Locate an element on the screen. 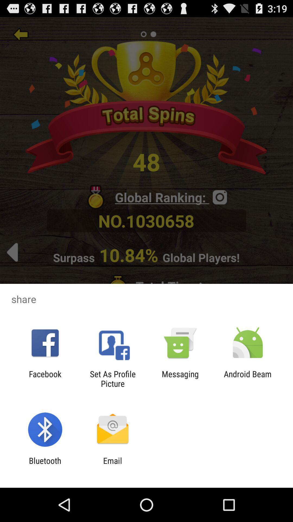 This screenshot has height=522, width=293. email item is located at coordinates (112, 465).